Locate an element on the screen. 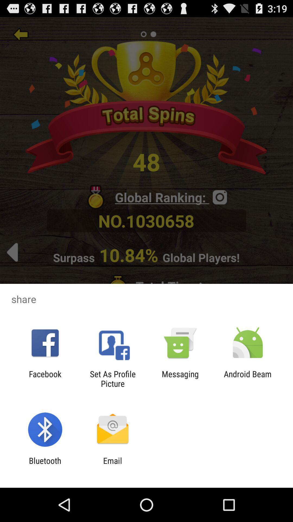 This screenshot has height=522, width=293. email item is located at coordinates (112, 465).